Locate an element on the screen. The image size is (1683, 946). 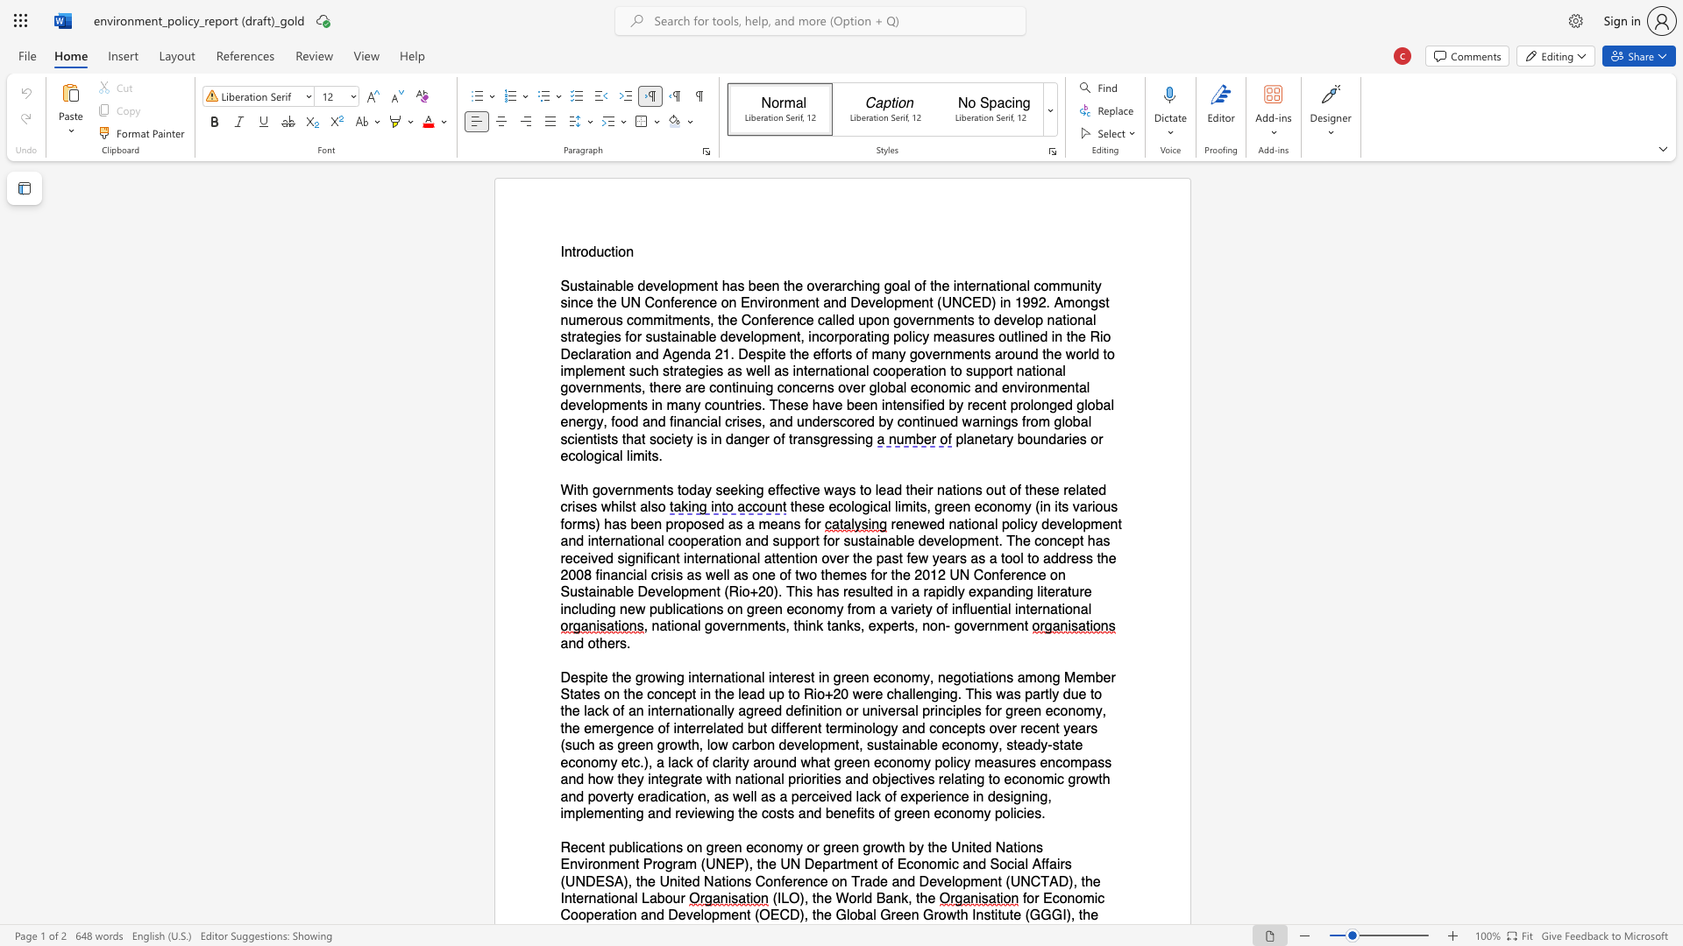
the subset text "pt has rece" within the text "renewed national policy development and international cooperation and support for sustainable development. The concept has received significant international attention over the past few years as a tool to address the 2008" is located at coordinates (1071, 540).